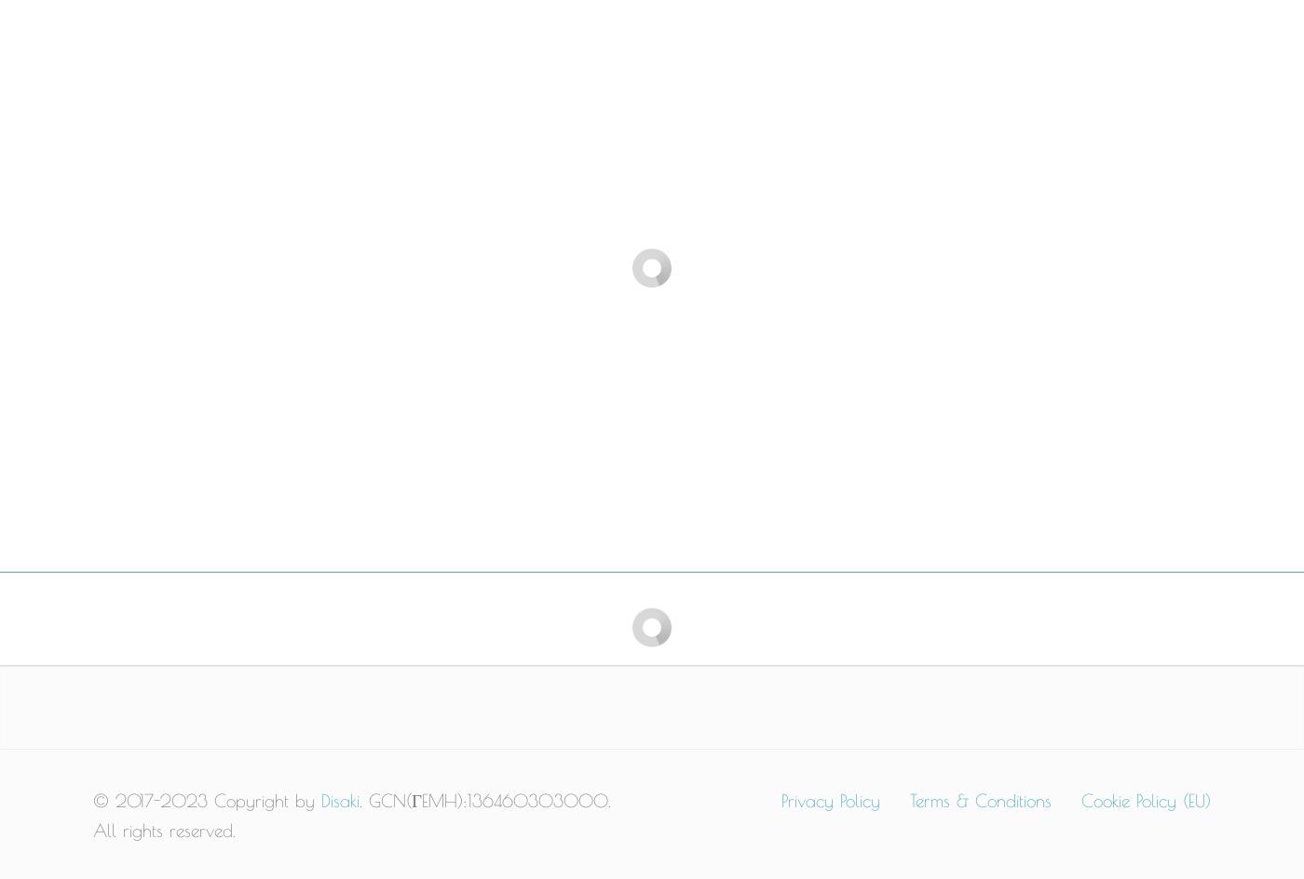  I want to click on 'Saint John Mykonos Hotel', so click(932, 327).